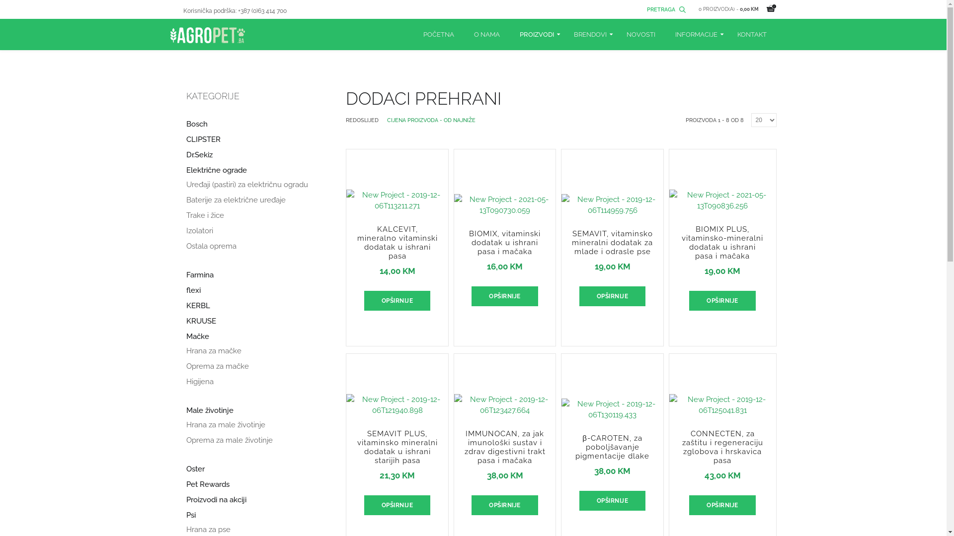 The width and height of the screenshot is (954, 536). What do you see at coordinates (210, 246) in the screenshot?
I see `'Ostala oprema'` at bounding box center [210, 246].